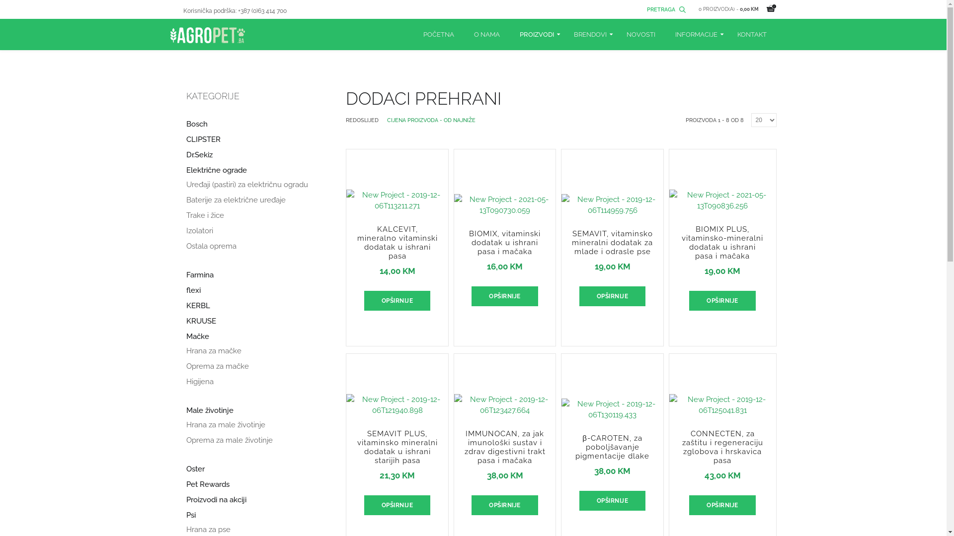 The width and height of the screenshot is (954, 536). What do you see at coordinates (210, 246) in the screenshot?
I see `'Ostala oprema'` at bounding box center [210, 246].